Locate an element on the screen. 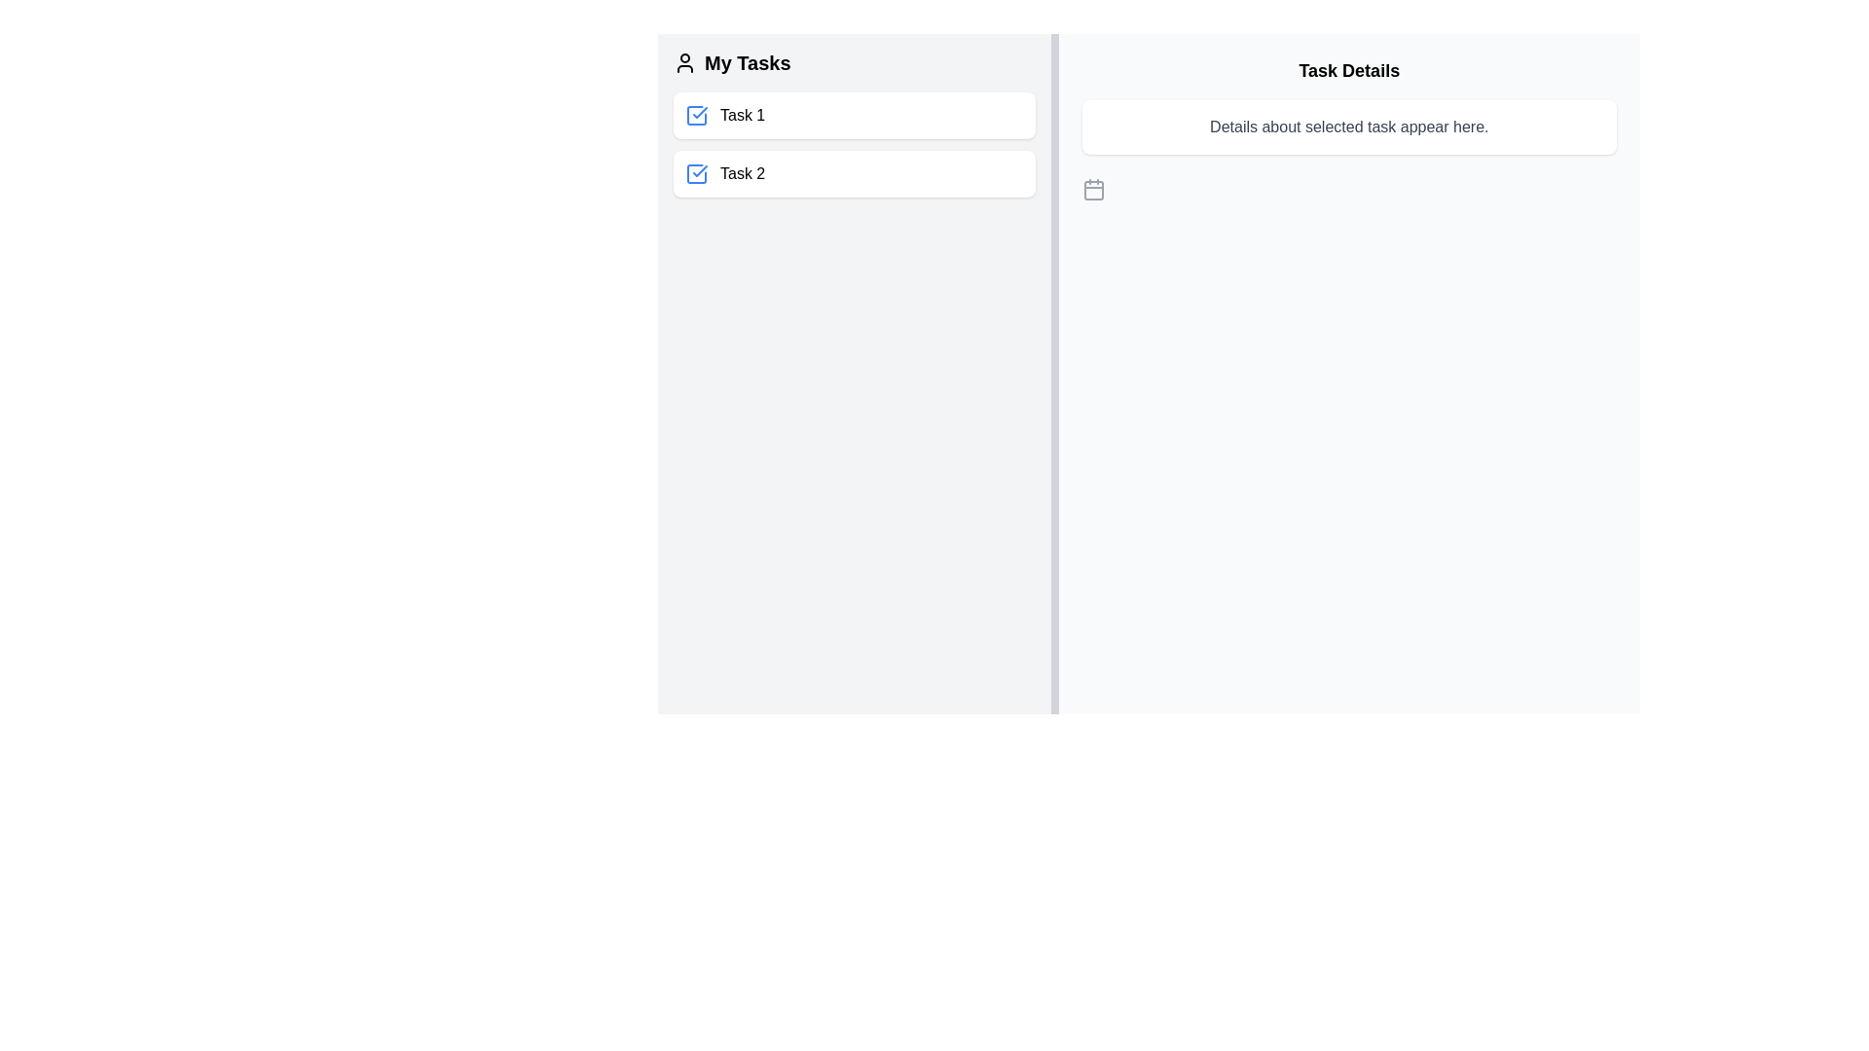  the status of the task completion indicator icon with a checkmark located to the left of the 'Task 1' title is located at coordinates (696, 116).